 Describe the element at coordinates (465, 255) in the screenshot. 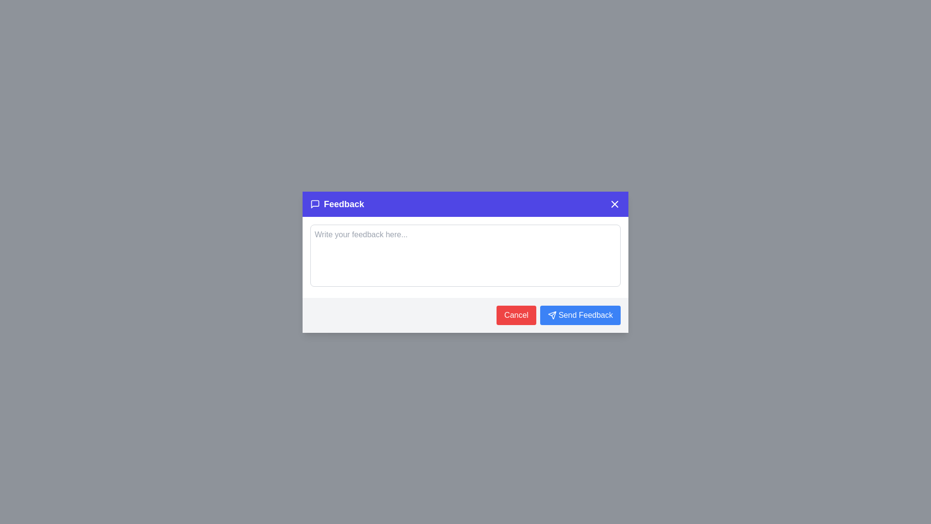

I see `the feedback field and type the text 'This is a feedback message'` at that location.